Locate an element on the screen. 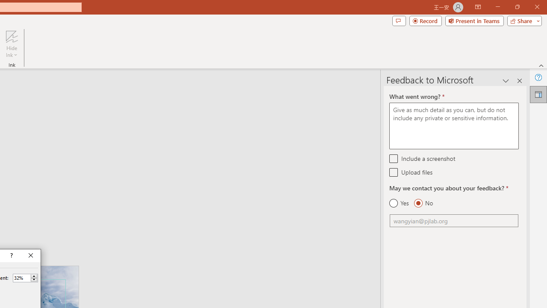 Image resolution: width=547 pixels, height=308 pixels. 'What went wrong? *' is located at coordinates (453, 126).